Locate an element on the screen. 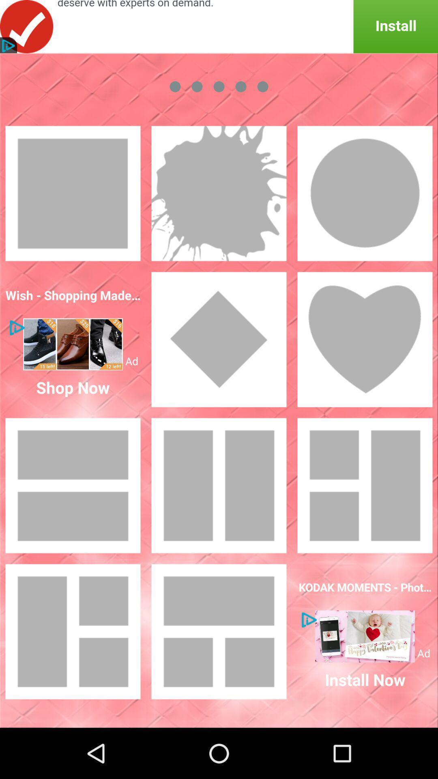  shape is located at coordinates (219, 193).